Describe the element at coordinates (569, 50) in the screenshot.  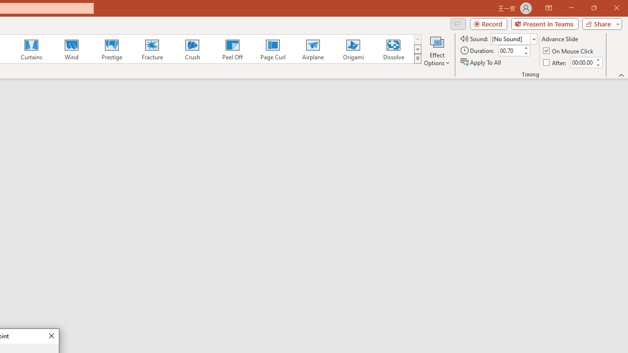
I see `'On Mouse Click'` at that location.